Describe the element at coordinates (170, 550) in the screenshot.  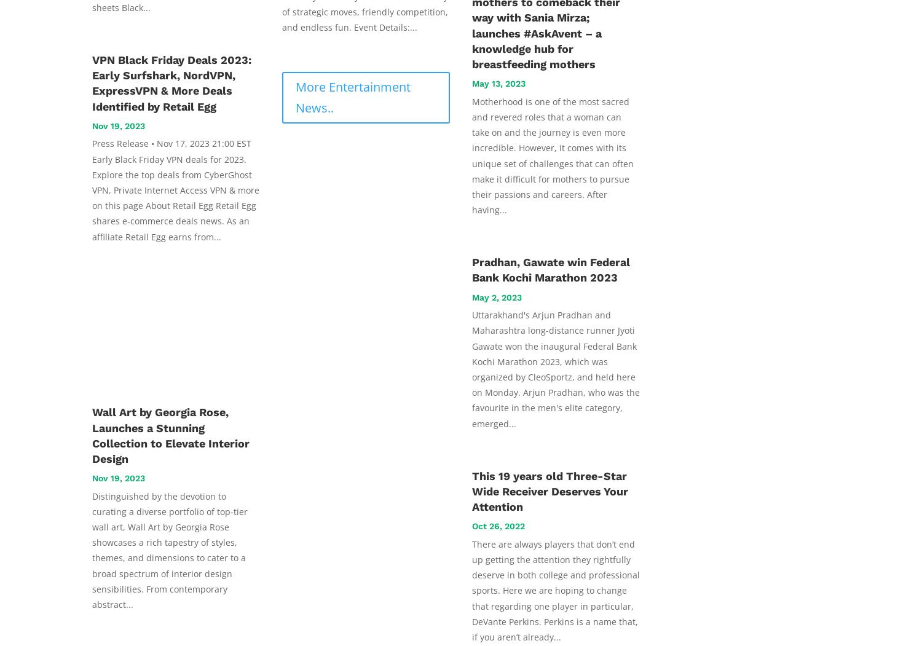
I see `'Distinguished by the devotion to curating a diverse portfolio of top-tier wall art, Wall Art by Georgia Rose showcases a rich tapestry of styles, themes, and dimensions to cater to a broad spectrum of interior design sensibilities. From contemporary abstract...'` at that location.